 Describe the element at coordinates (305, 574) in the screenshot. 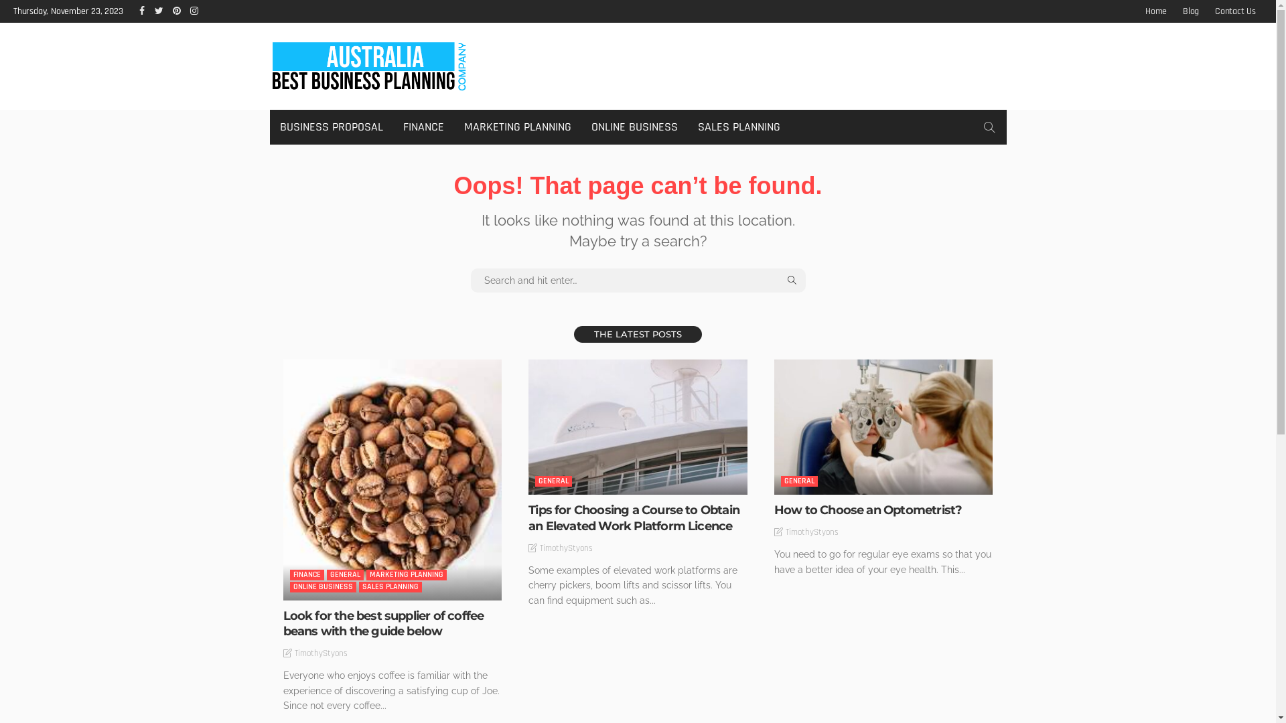

I see `'FINANCE'` at that location.